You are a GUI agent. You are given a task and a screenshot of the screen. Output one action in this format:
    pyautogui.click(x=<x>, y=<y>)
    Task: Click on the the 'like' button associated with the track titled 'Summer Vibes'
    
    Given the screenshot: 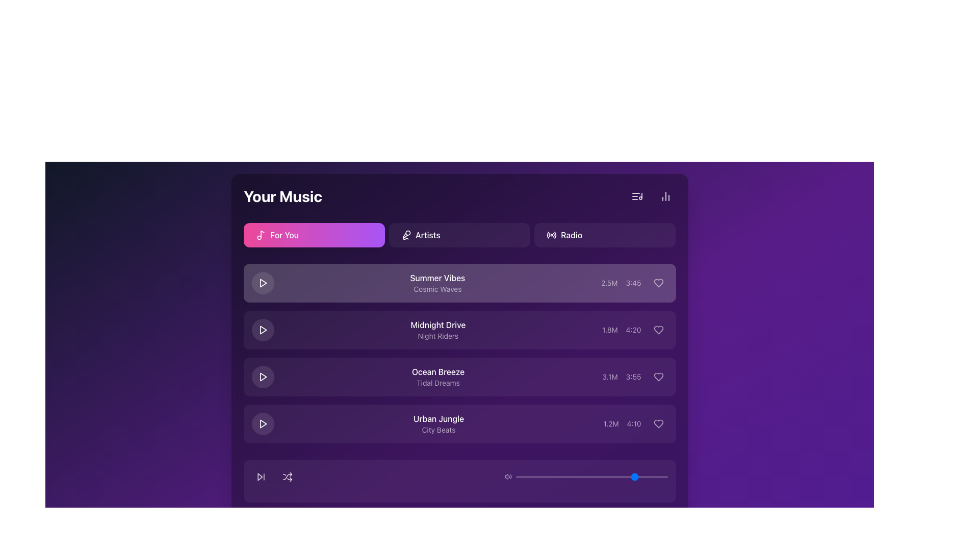 What is the action you would take?
    pyautogui.click(x=658, y=283)
    